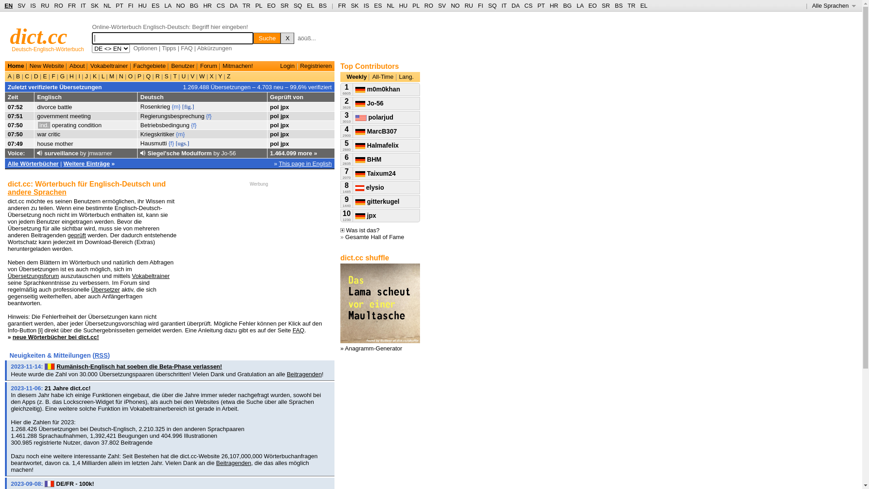 Image resolution: width=869 pixels, height=489 pixels. I want to click on 'U', so click(183, 76).